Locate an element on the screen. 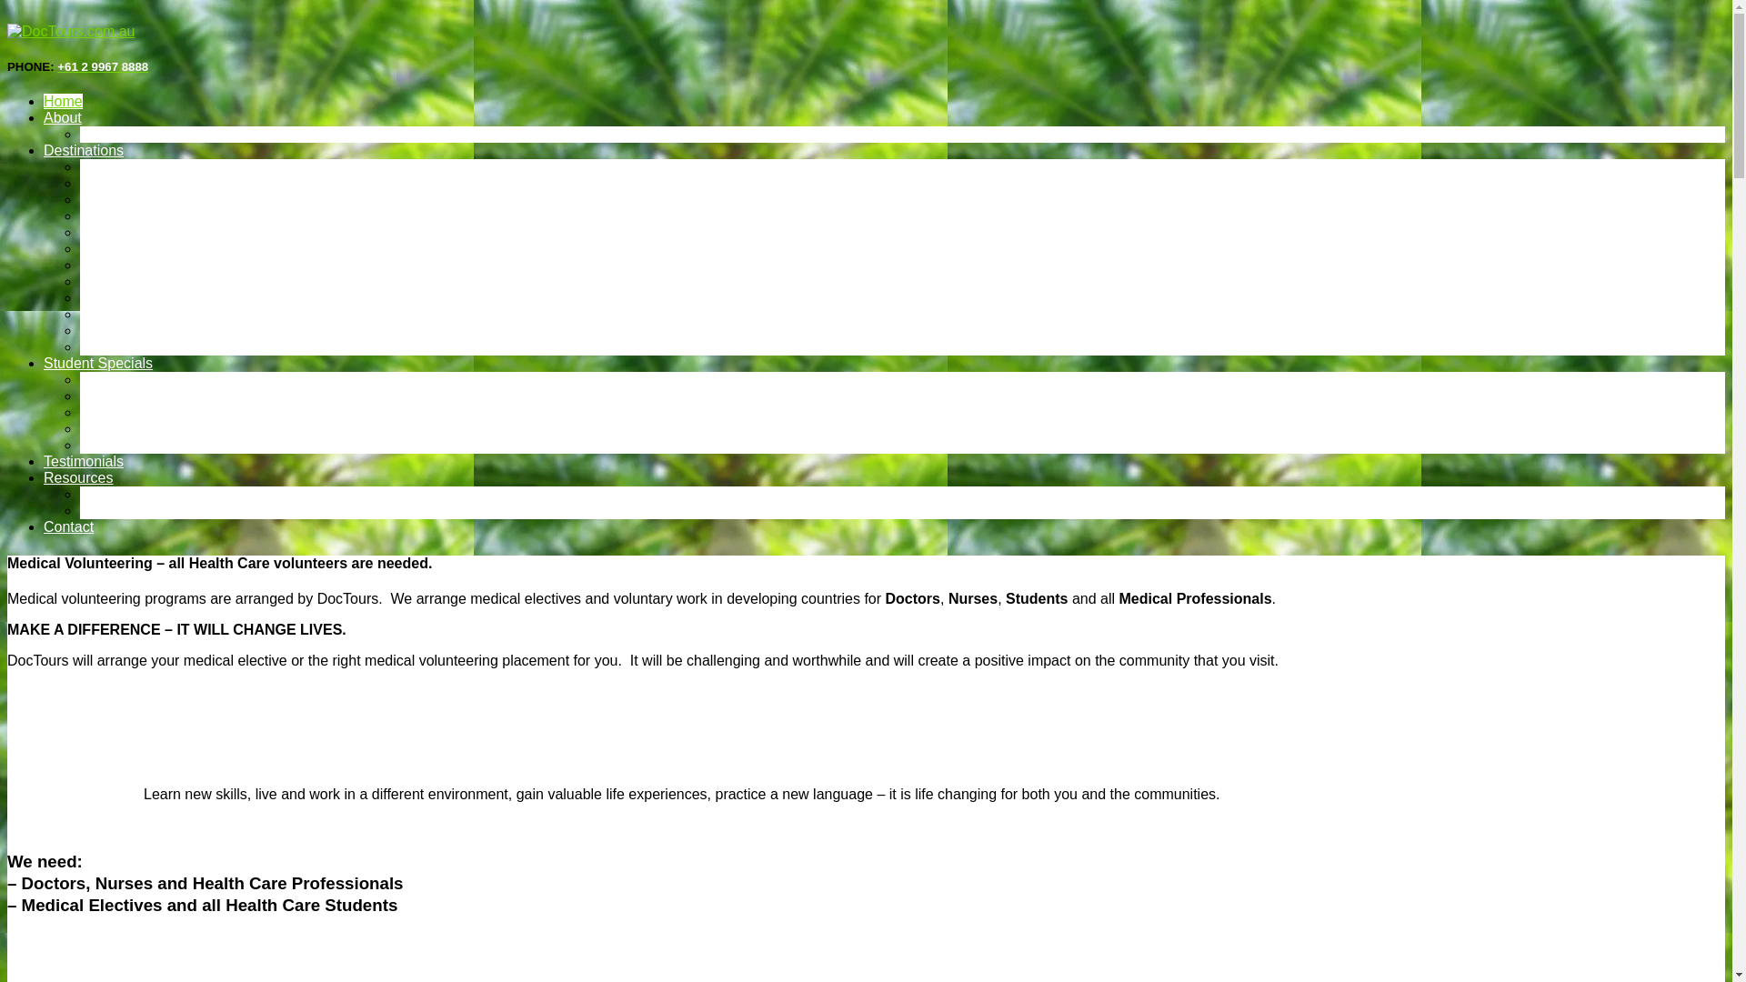 This screenshot has width=1746, height=982. 'Vietnam for students' is located at coordinates (78, 445).